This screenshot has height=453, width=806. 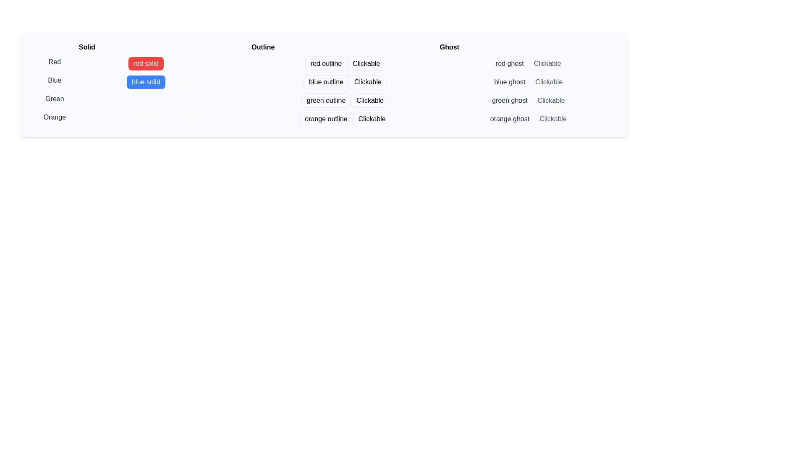 I want to click on the text display element that shows 'red ghost' with a gray background and rounded corners, located in the first row of the 'Ghost' column, so click(x=509, y=63).